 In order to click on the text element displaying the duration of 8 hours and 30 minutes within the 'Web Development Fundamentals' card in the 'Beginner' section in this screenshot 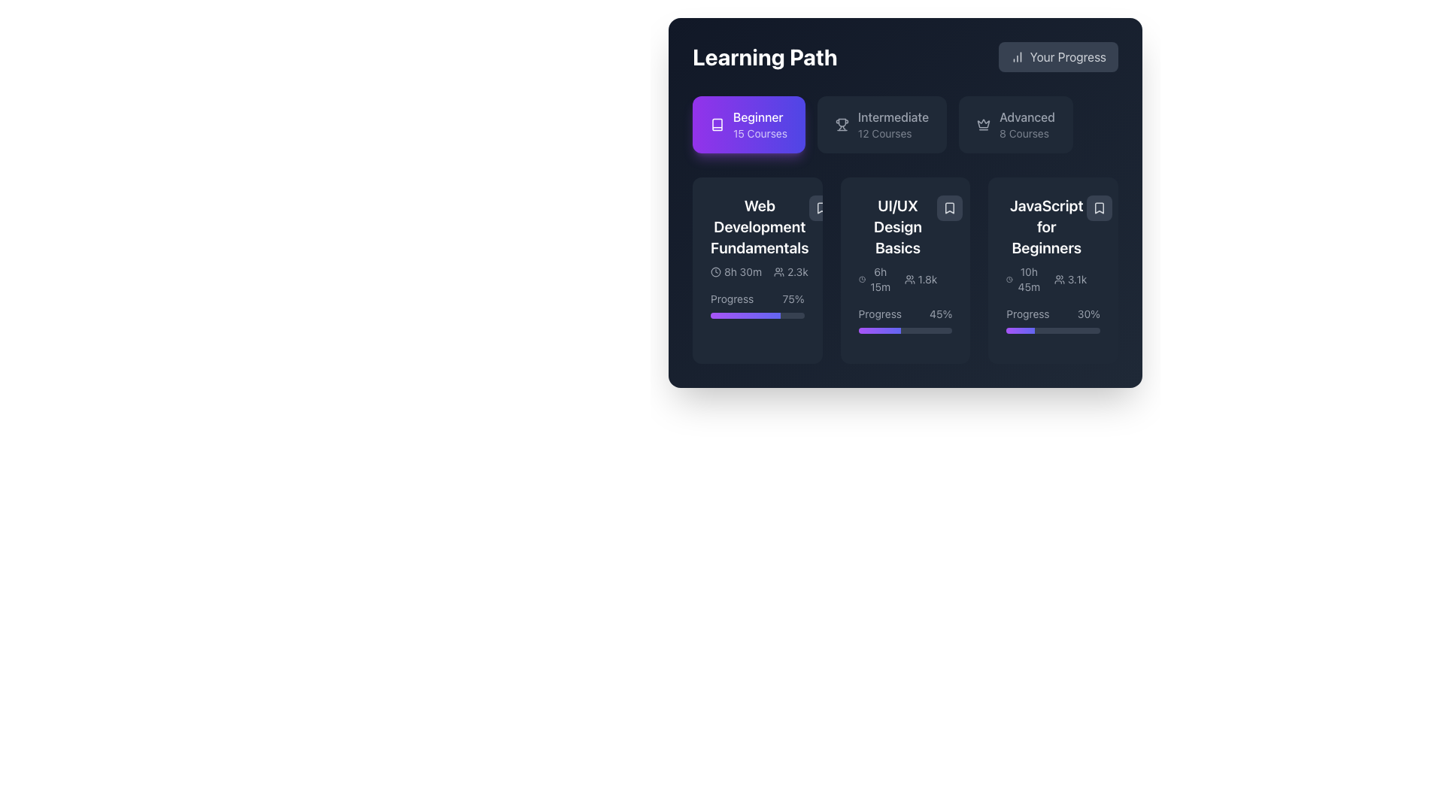, I will do `click(736, 272)`.